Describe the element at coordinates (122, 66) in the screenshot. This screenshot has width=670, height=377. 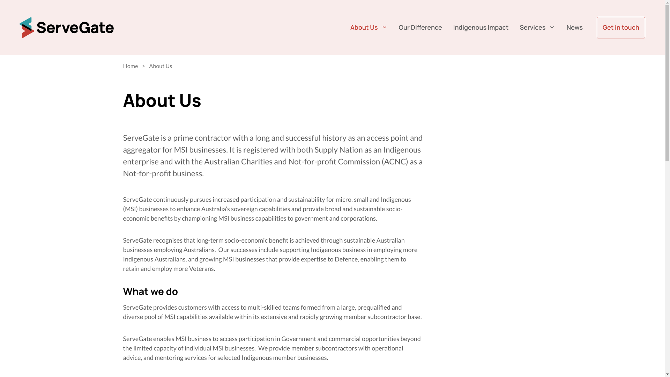
I see `'Home'` at that location.